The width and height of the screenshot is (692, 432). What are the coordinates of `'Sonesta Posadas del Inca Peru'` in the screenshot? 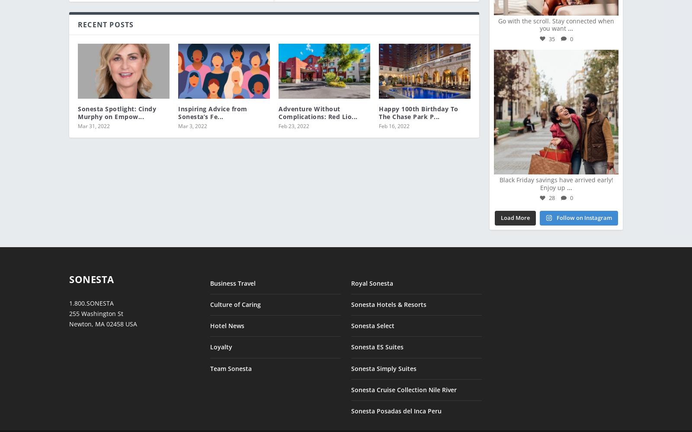 It's located at (396, 404).